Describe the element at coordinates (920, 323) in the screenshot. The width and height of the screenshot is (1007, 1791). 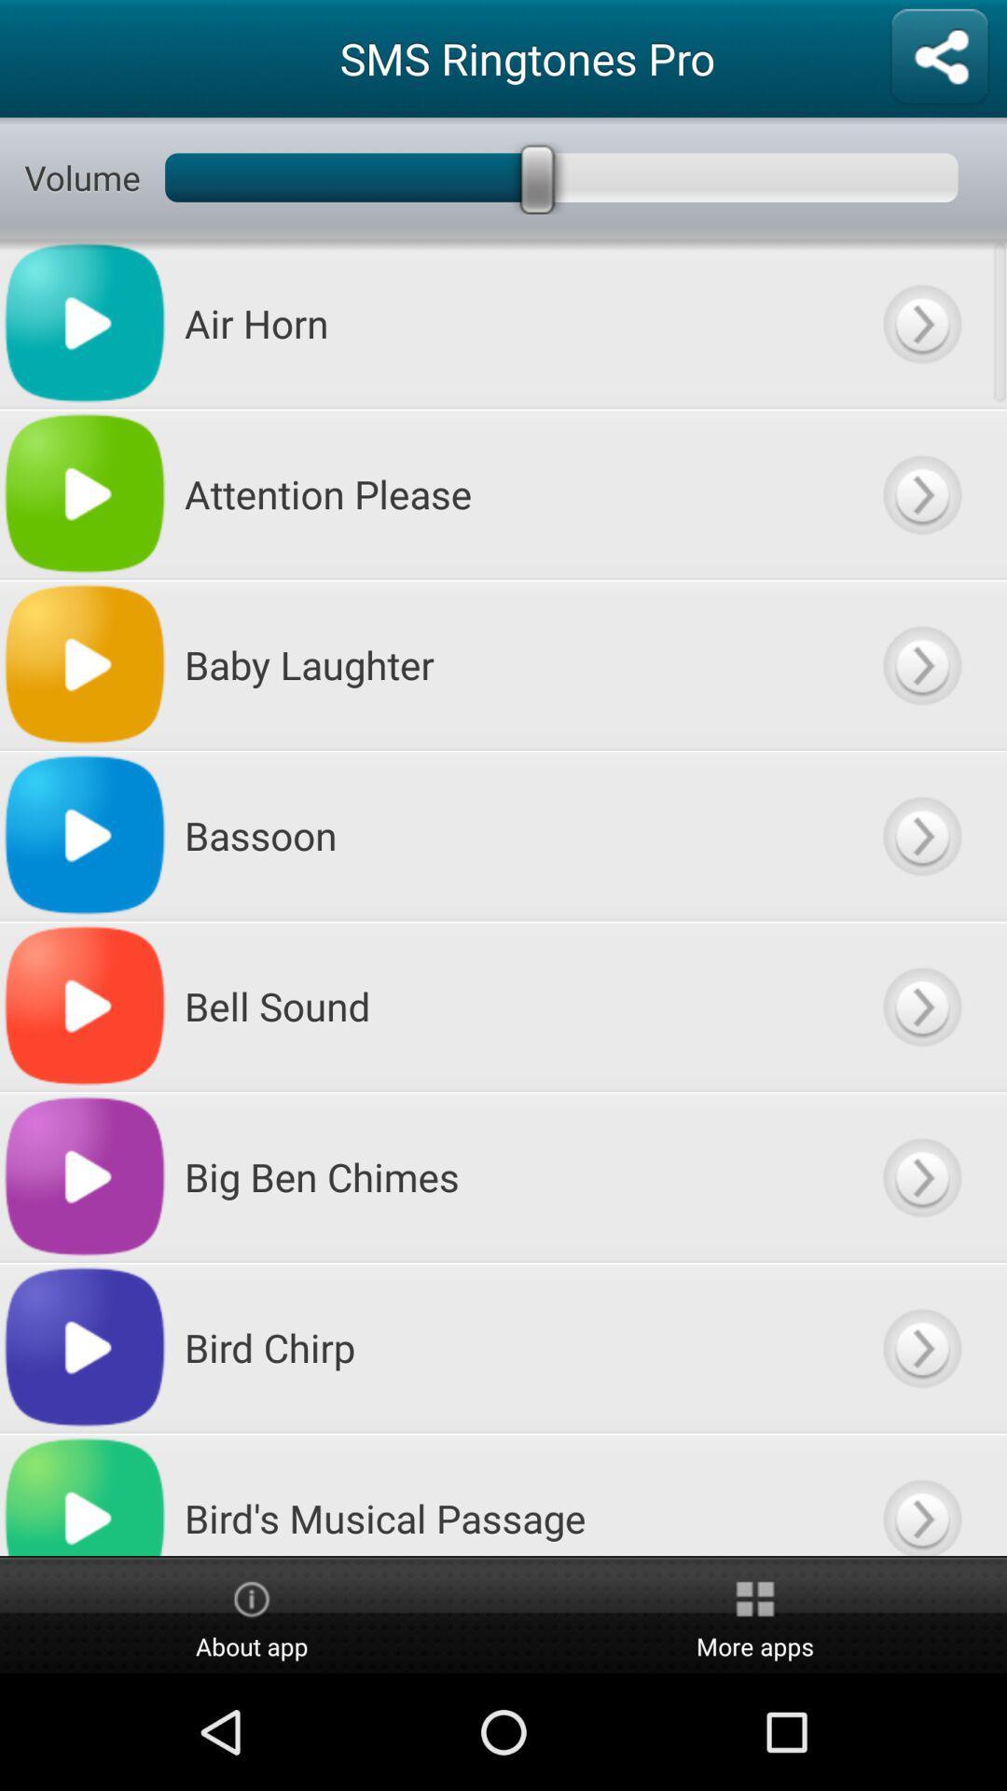
I see `next` at that location.